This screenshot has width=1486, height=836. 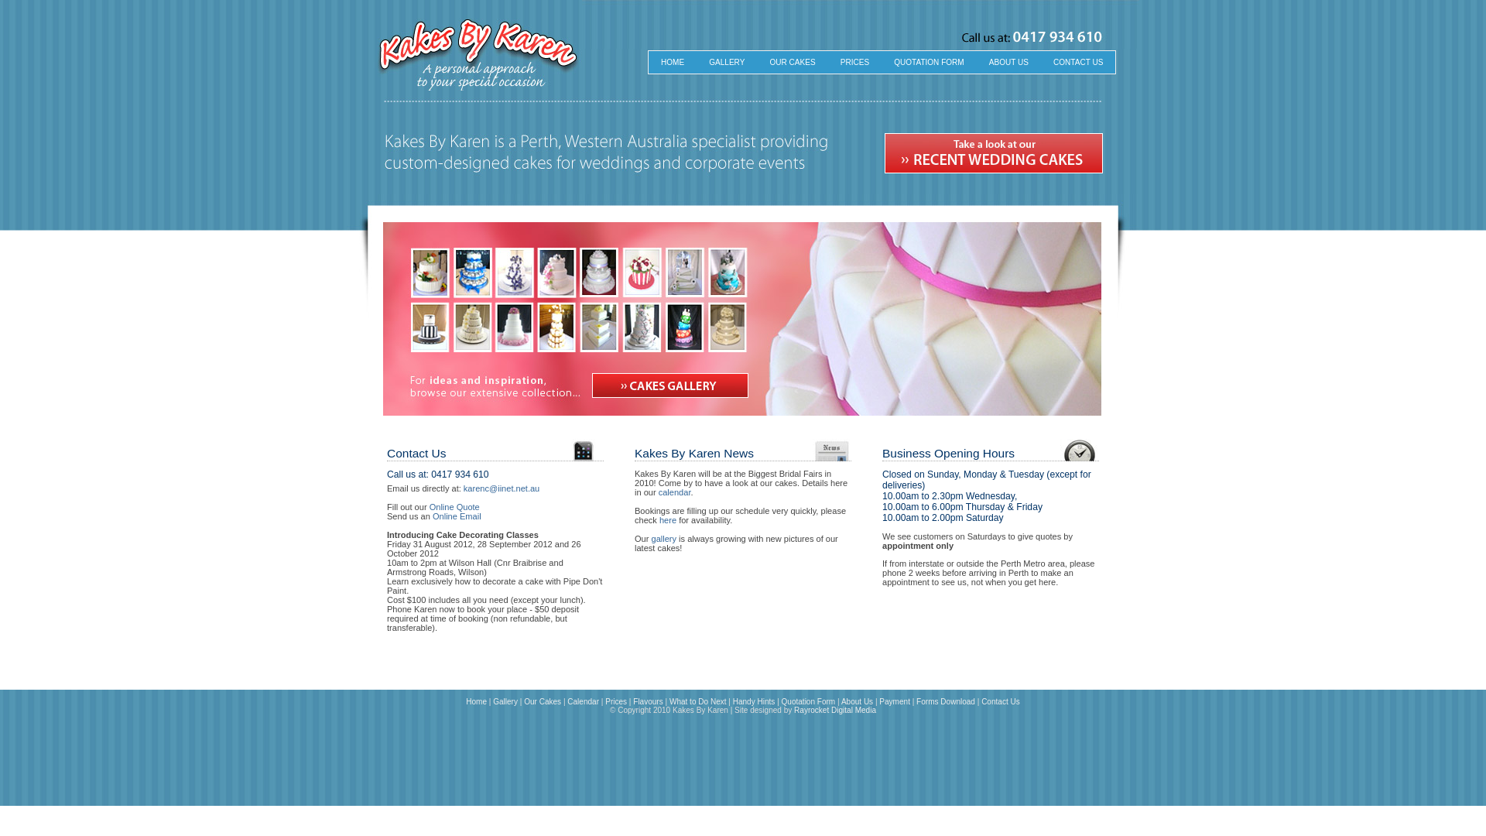 What do you see at coordinates (672, 61) in the screenshot?
I see `'HOME'` at bounding box center [672, 61].